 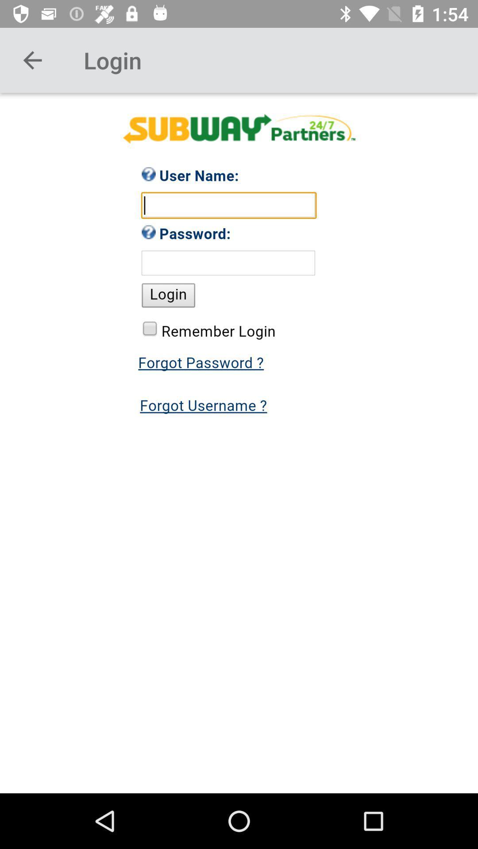 What do you see at coordinates (239, 443) in the screenshot?
I see `login page` at bounding box center [239, 443].